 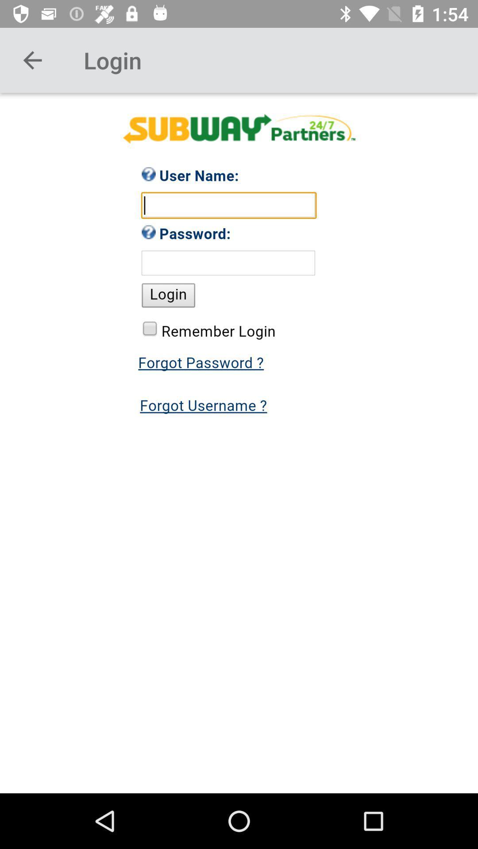 What do you see at coordinates (239, 443) in the screenshot?
I see `login page` at bounding box center [239, 443].